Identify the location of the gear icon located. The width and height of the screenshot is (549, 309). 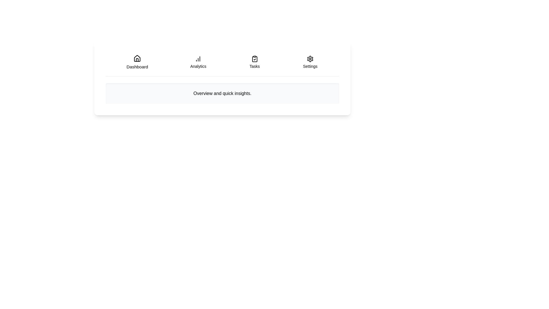
(310, 59).